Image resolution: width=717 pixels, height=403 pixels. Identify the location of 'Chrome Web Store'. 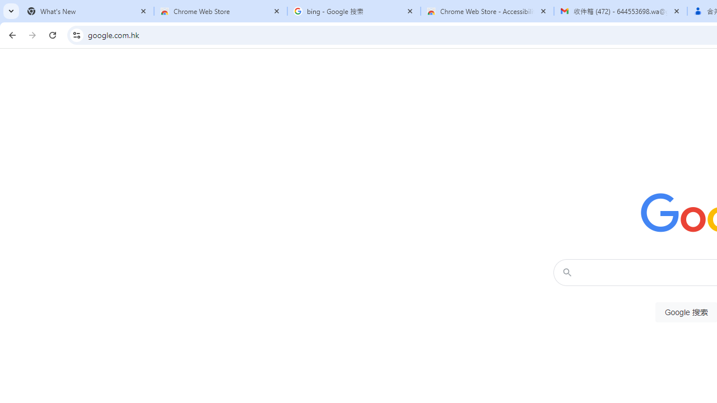
(221, 11).